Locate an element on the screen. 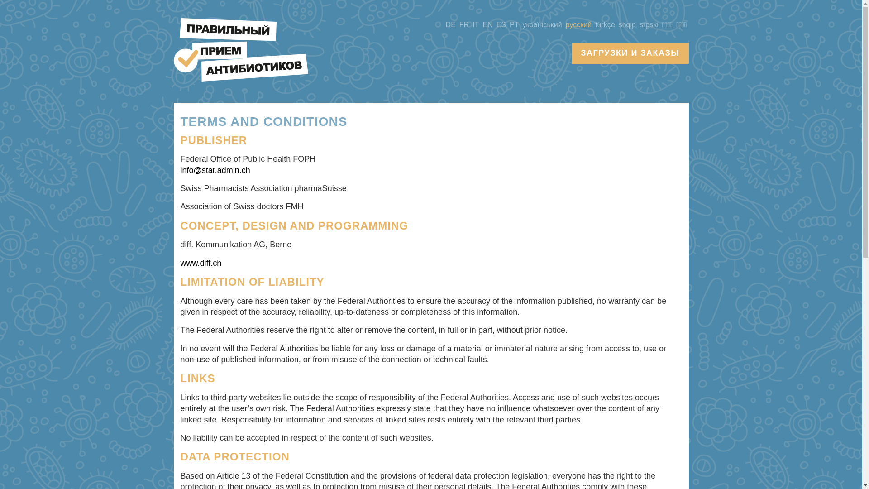  'EN' is located at coordinates (480, 24).